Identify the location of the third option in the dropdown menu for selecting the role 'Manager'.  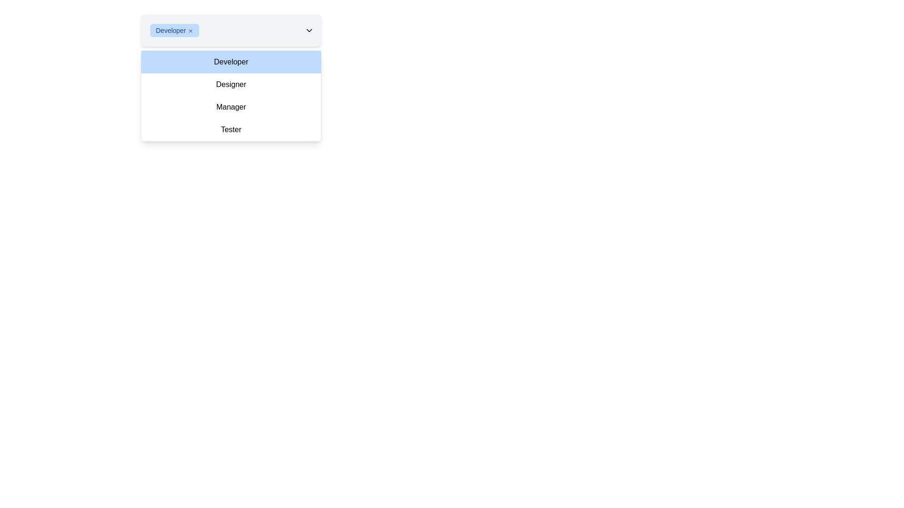
(231, 106).